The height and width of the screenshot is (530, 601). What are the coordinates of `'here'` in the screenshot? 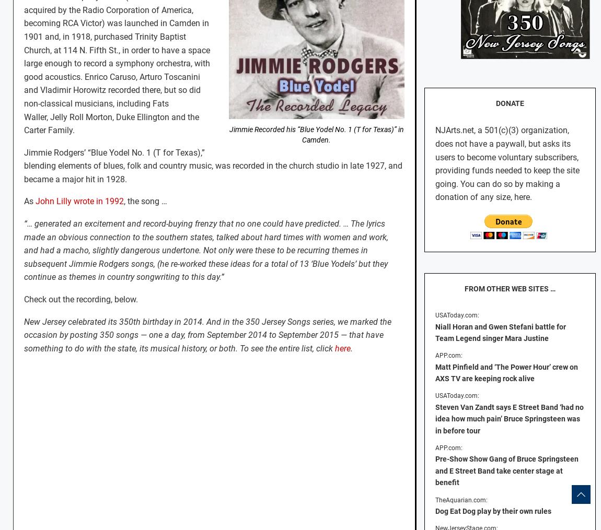 It's located at (342, 348).